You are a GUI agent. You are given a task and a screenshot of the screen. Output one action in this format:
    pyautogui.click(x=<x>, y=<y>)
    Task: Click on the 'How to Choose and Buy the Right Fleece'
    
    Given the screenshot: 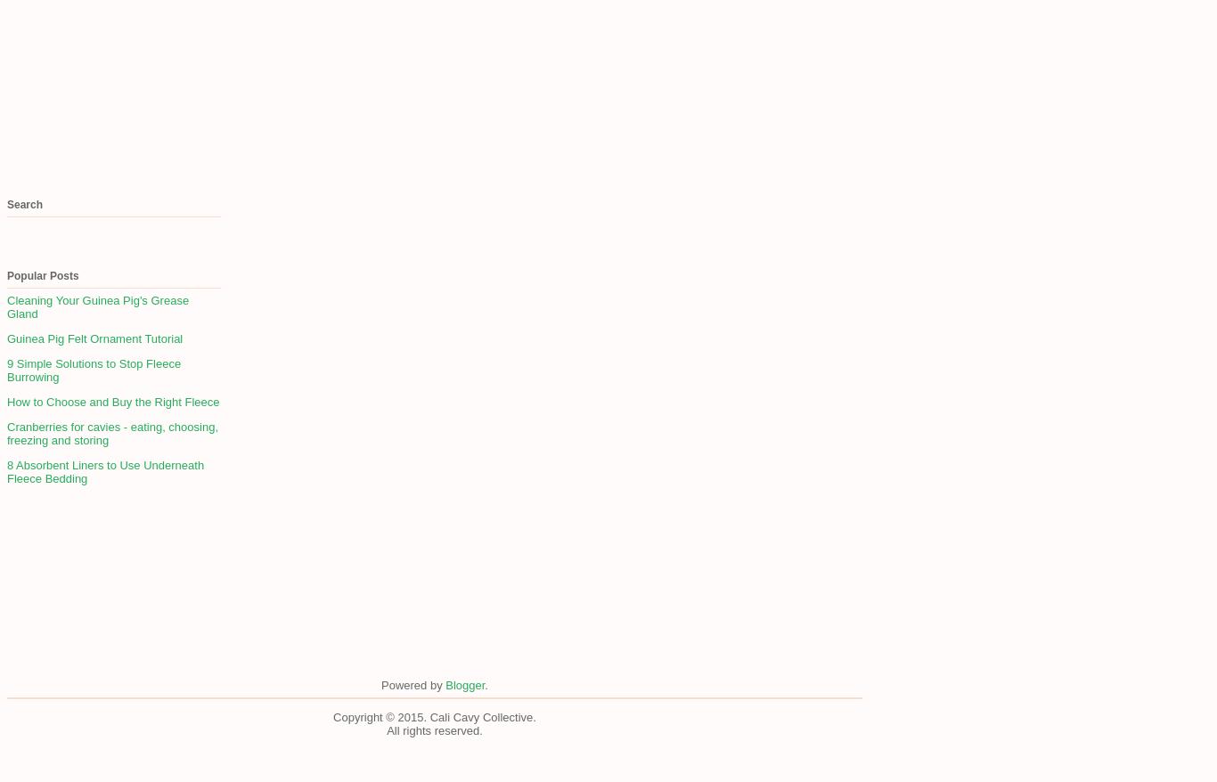 What is the action you would take?
    pyautogui.click(x=112, y=401)
    